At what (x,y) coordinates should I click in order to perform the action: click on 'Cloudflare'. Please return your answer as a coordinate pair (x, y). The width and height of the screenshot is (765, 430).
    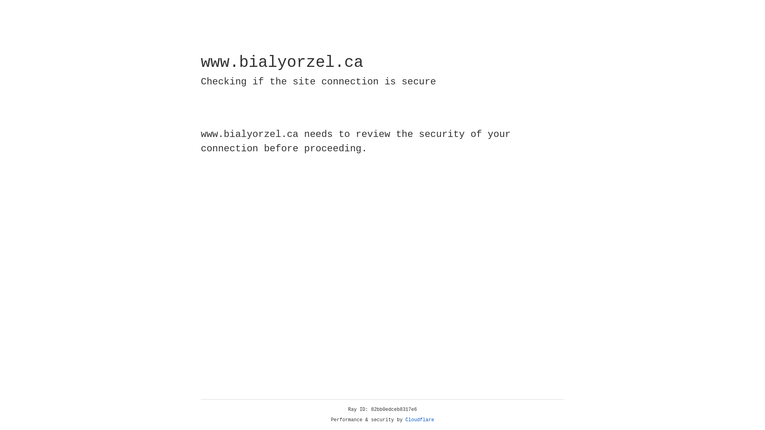
    Looking at the image, I should click on (405, 420).